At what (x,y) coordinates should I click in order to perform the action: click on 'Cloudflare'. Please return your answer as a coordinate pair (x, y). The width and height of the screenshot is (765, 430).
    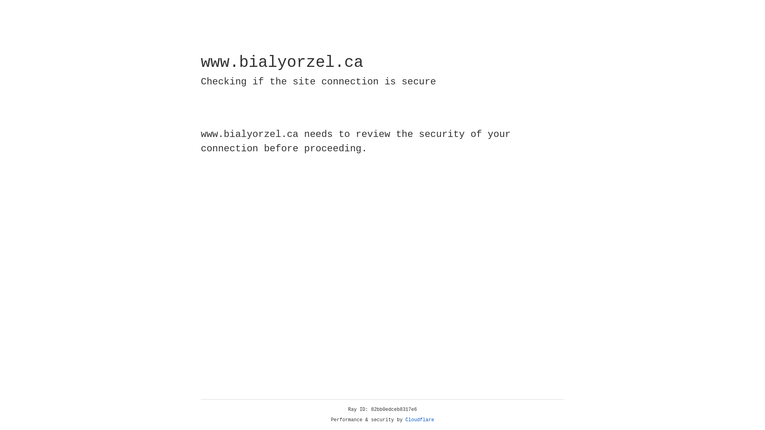
    Looking at the image, I should click on (405, 420).